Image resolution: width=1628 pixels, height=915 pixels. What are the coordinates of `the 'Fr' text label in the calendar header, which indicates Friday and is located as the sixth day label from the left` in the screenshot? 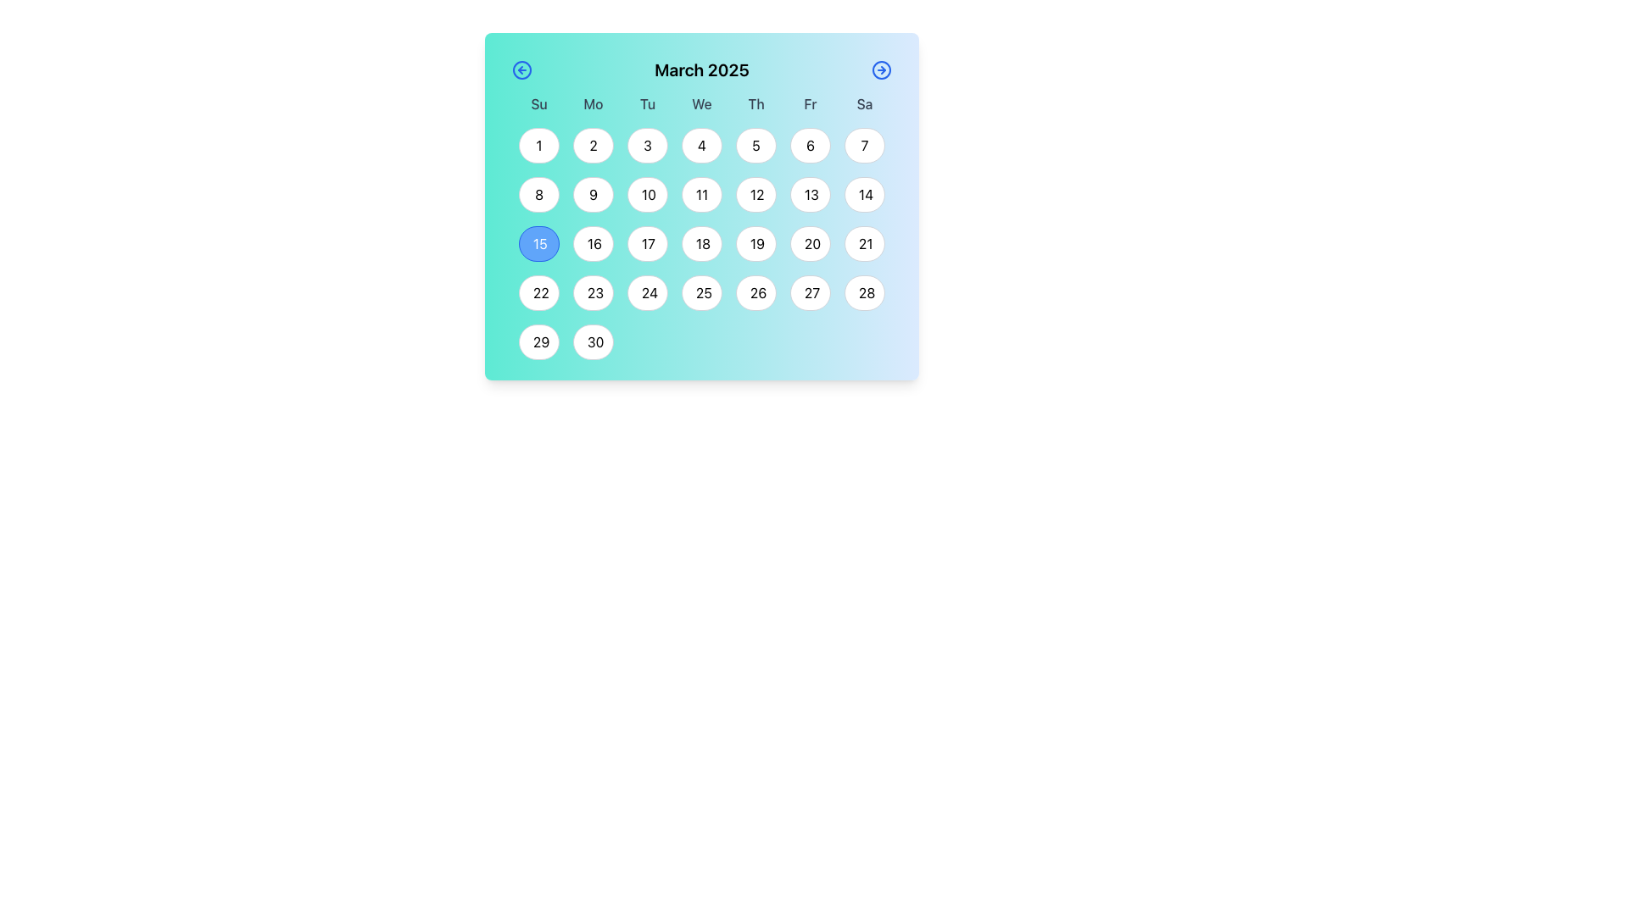 It's located at (809, 104).